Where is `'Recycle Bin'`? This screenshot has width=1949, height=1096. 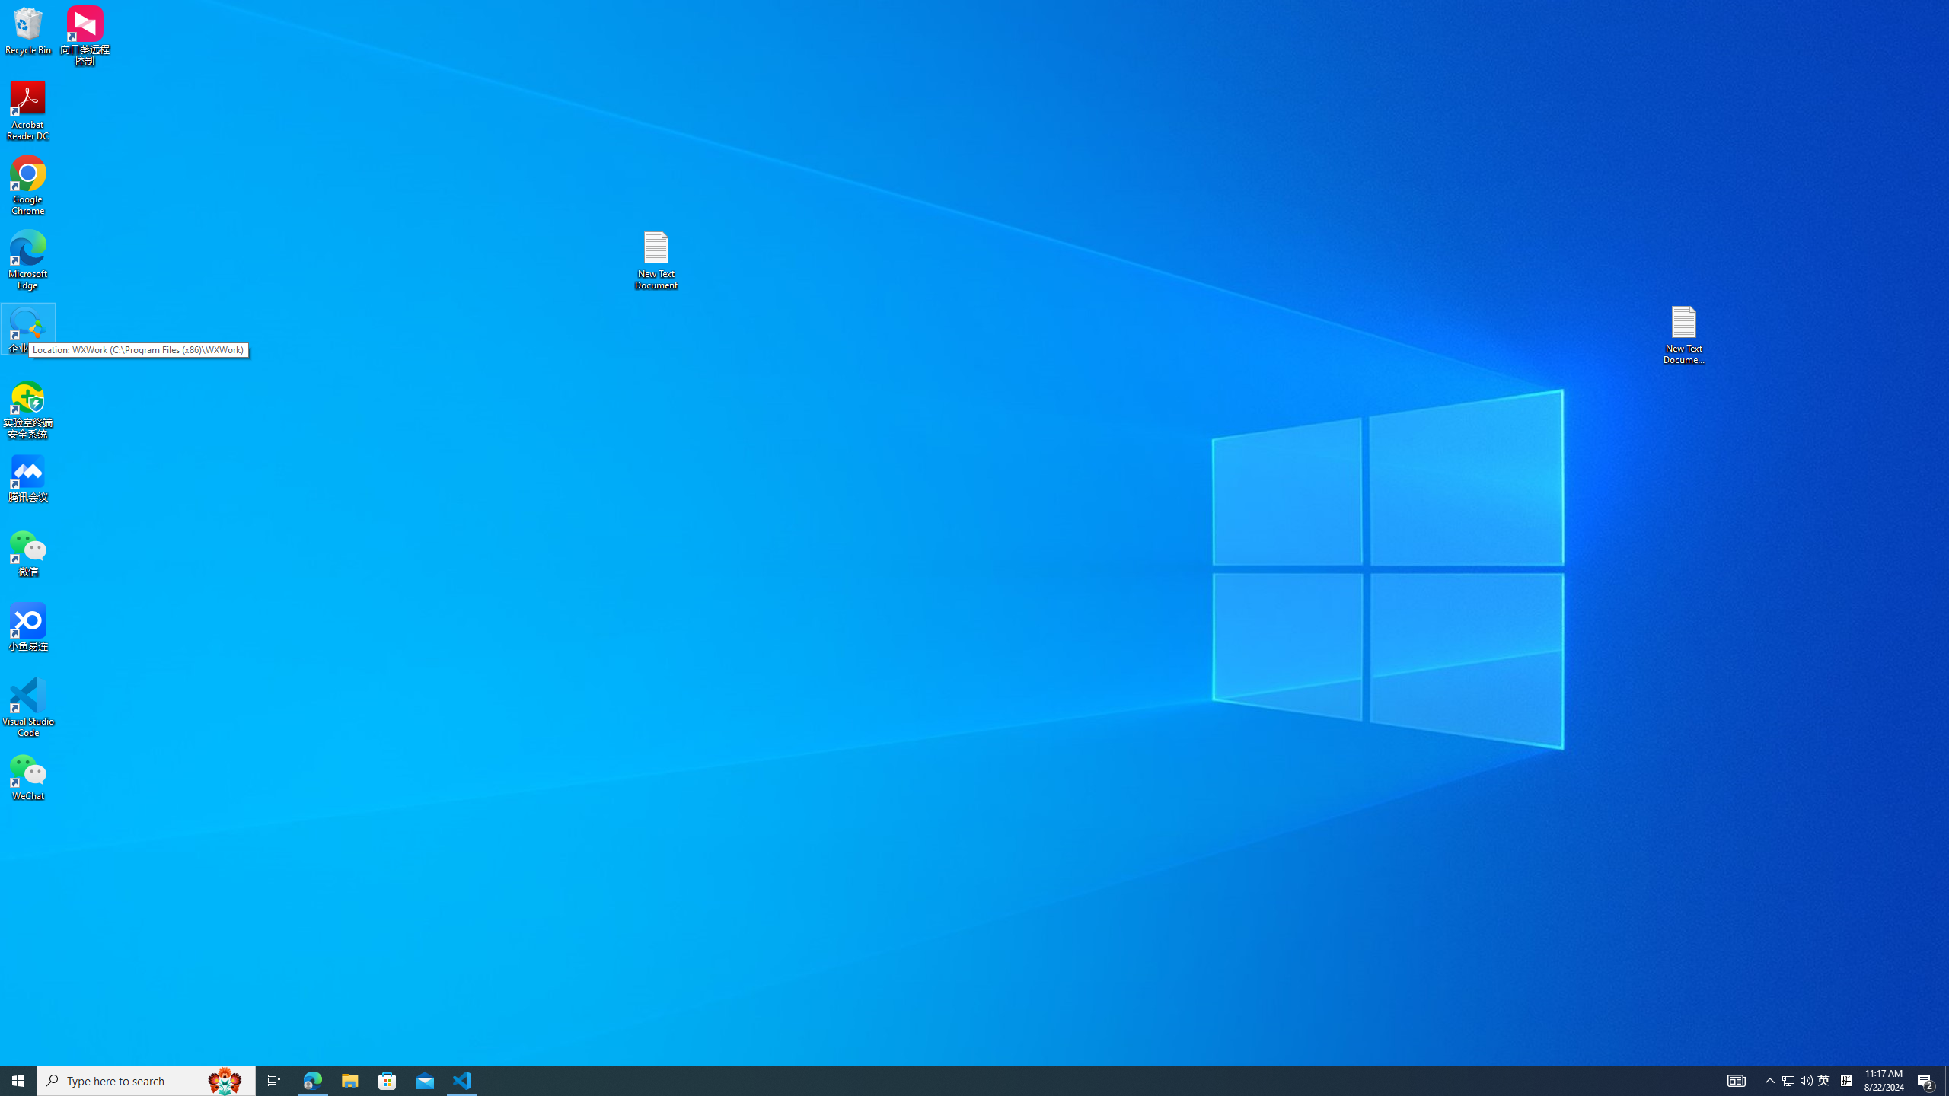 'Recycle Bin' is located at coordinates (27, 29).